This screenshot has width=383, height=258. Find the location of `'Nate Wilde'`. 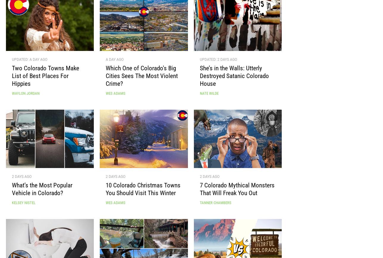

'Nate Wilde' is located at coordinates (209, 95).